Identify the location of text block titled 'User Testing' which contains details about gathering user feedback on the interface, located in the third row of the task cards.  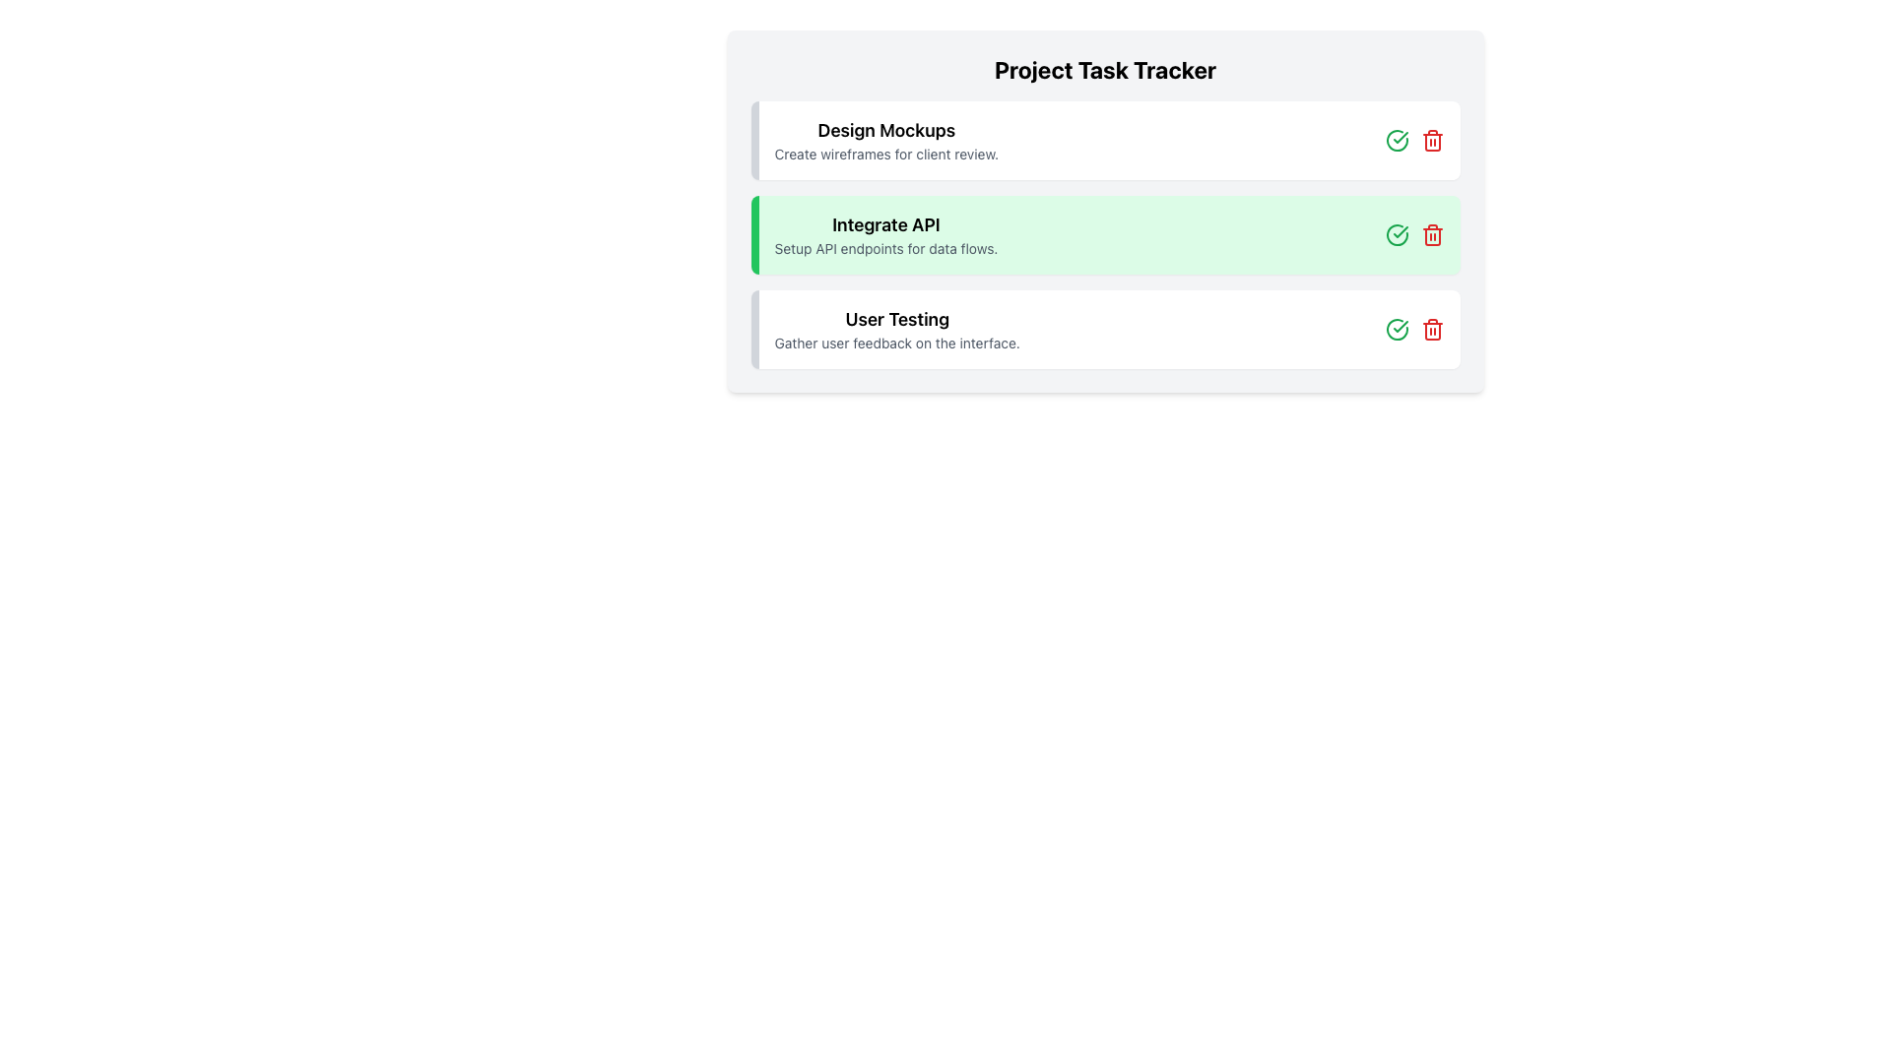
(896, 329).